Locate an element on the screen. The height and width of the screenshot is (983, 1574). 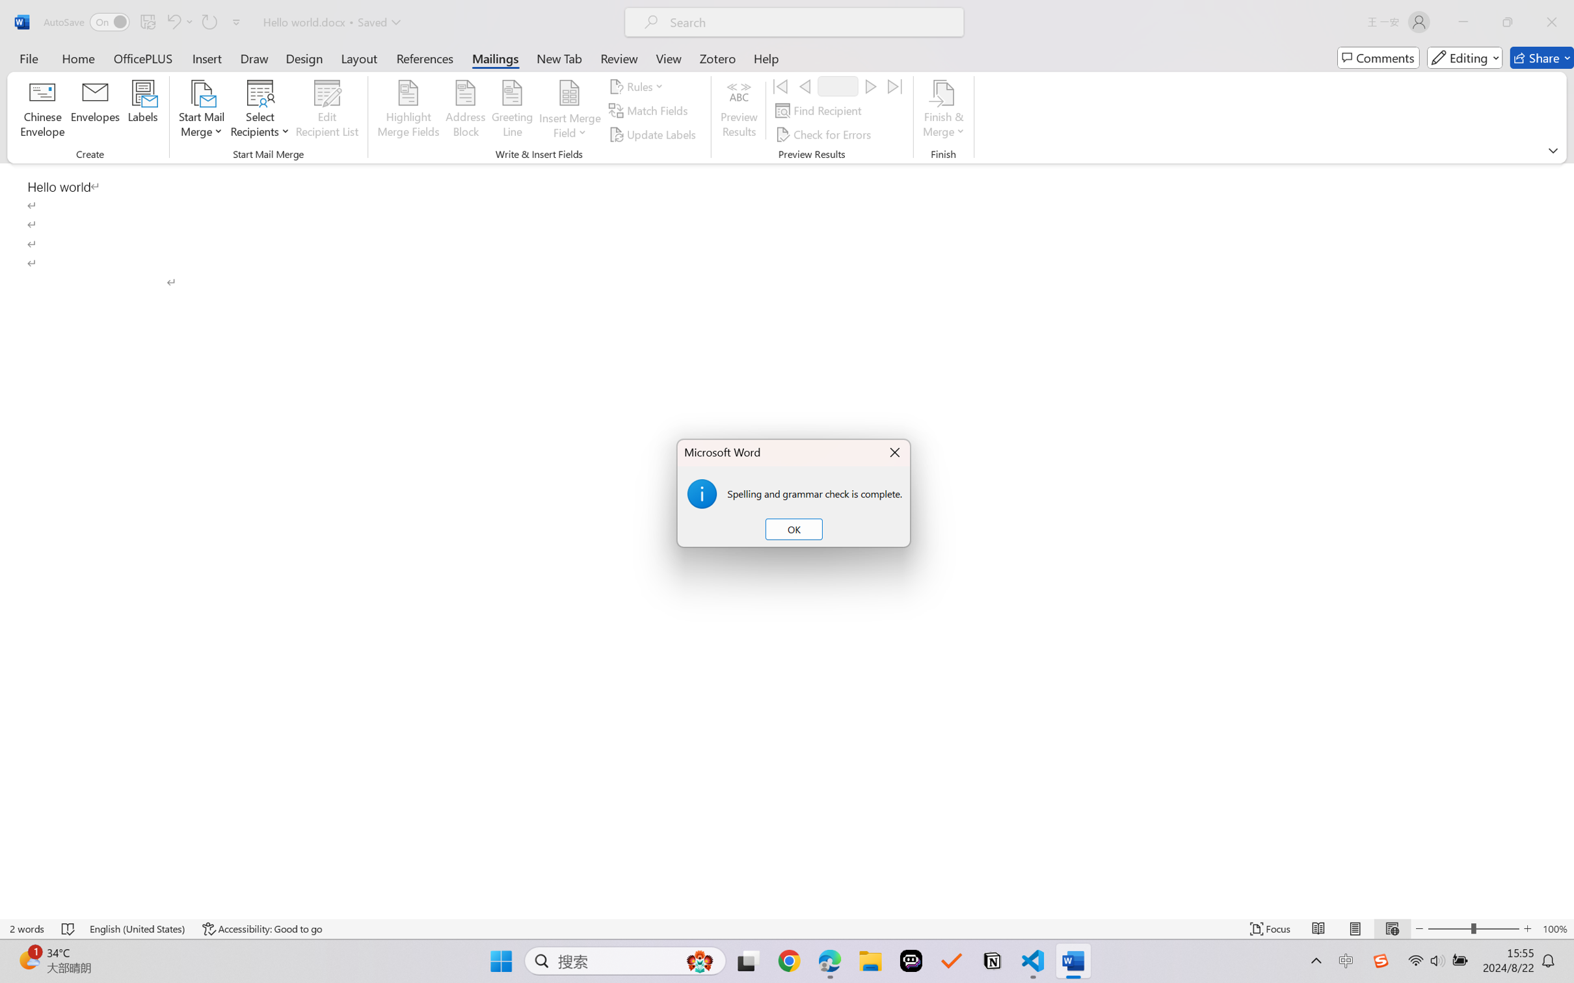
'Rules' is located at coordinates (637, 85).